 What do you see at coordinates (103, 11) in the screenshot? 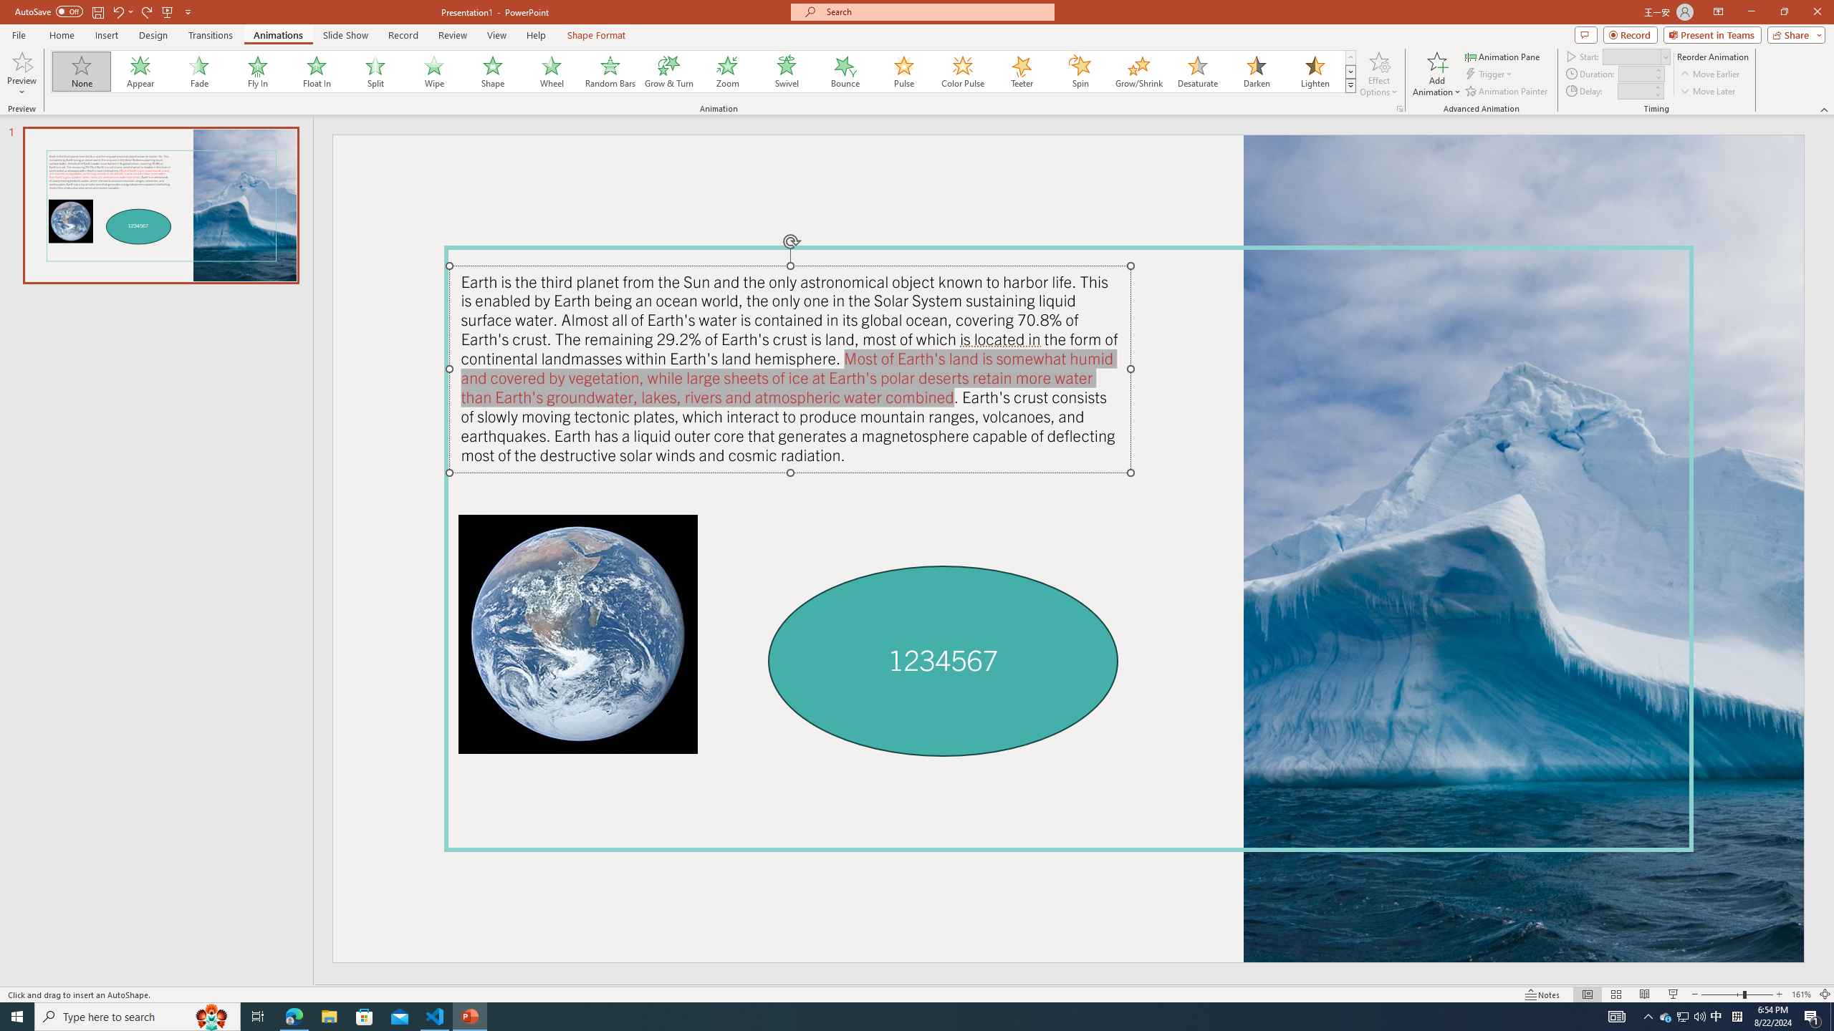
I see `'Quick Access Toolbar'` at bounding box center [103, 11].